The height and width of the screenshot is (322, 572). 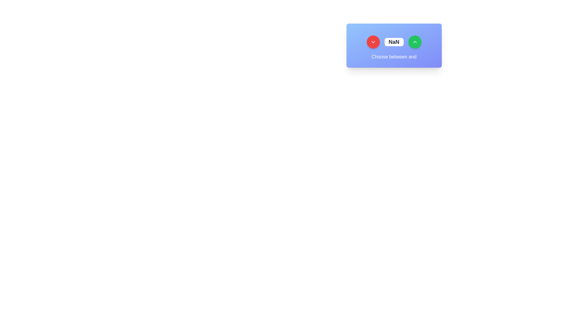 I want to click on the circular red button with a downward chevron icon located to the left of the numeric input box labeled 'NaN', so click(x=373, y=42).